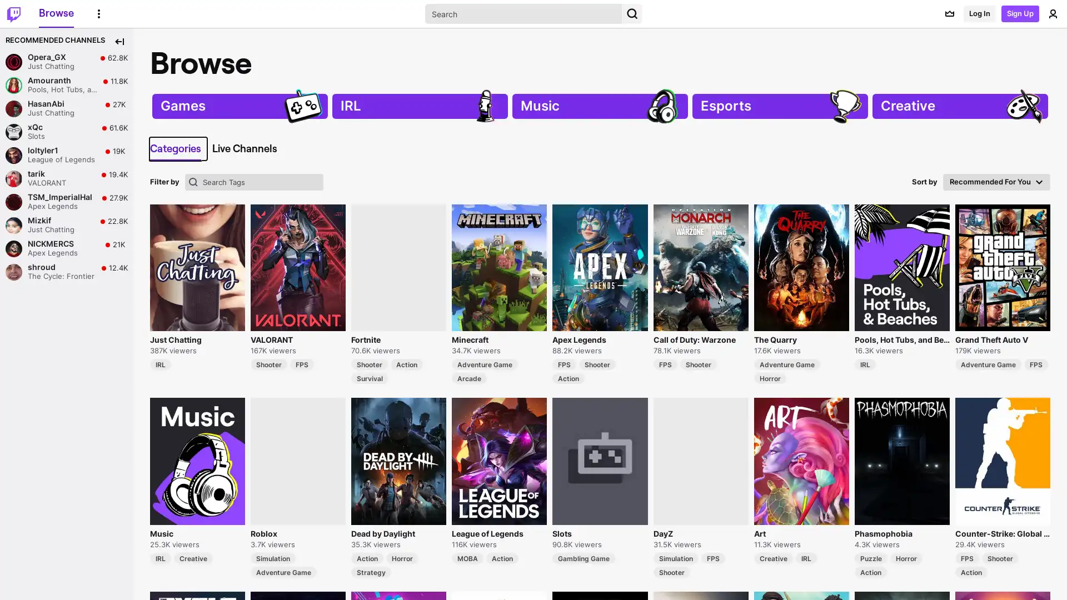 This screenshot has height=600, width=1067. I want to click on Adventure Game, so click(786, 364).